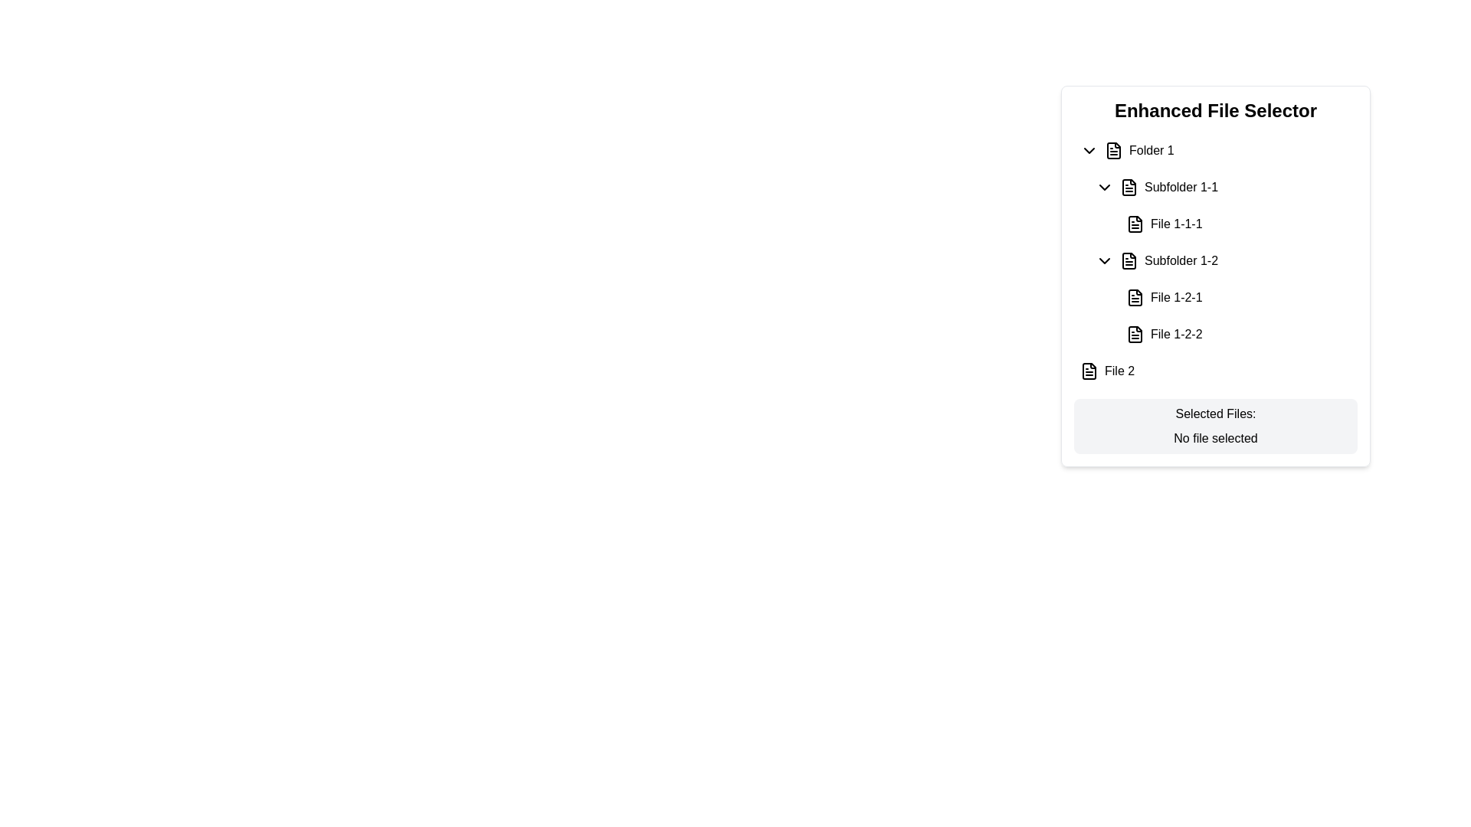 Image resolution: width=1471 pixels, height=827 pixels. I want to click on the file icon representing 'File 2', which is located to the left of its label in the file selector interface, so click(1088, 371).